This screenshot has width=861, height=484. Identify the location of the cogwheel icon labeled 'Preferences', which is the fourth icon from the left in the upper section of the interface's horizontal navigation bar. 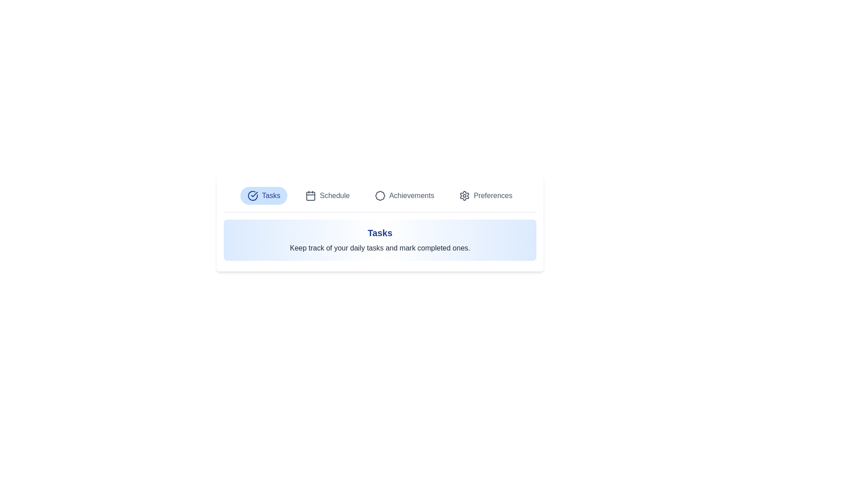
(465, 195).